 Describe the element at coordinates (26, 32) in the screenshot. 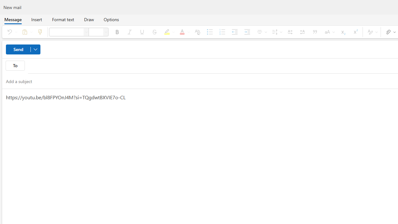

I see `'Paste'` at that location.